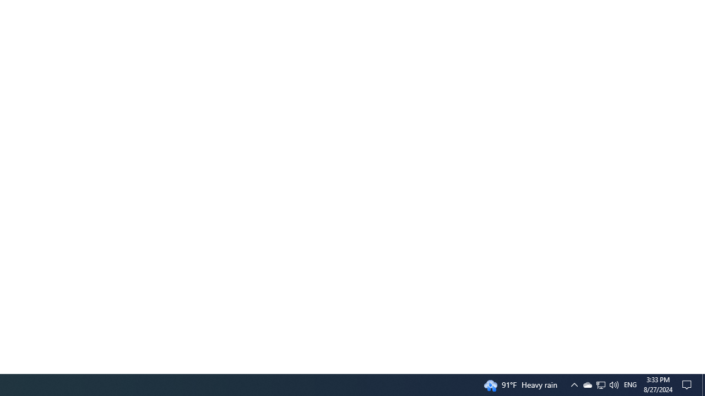 Image resolution: width=705 pixels, height=396 pixels. What do you see at coordinates (688, 384) in the screenshot?
I see `'Show desktop'` at bounding box center [688, 384].